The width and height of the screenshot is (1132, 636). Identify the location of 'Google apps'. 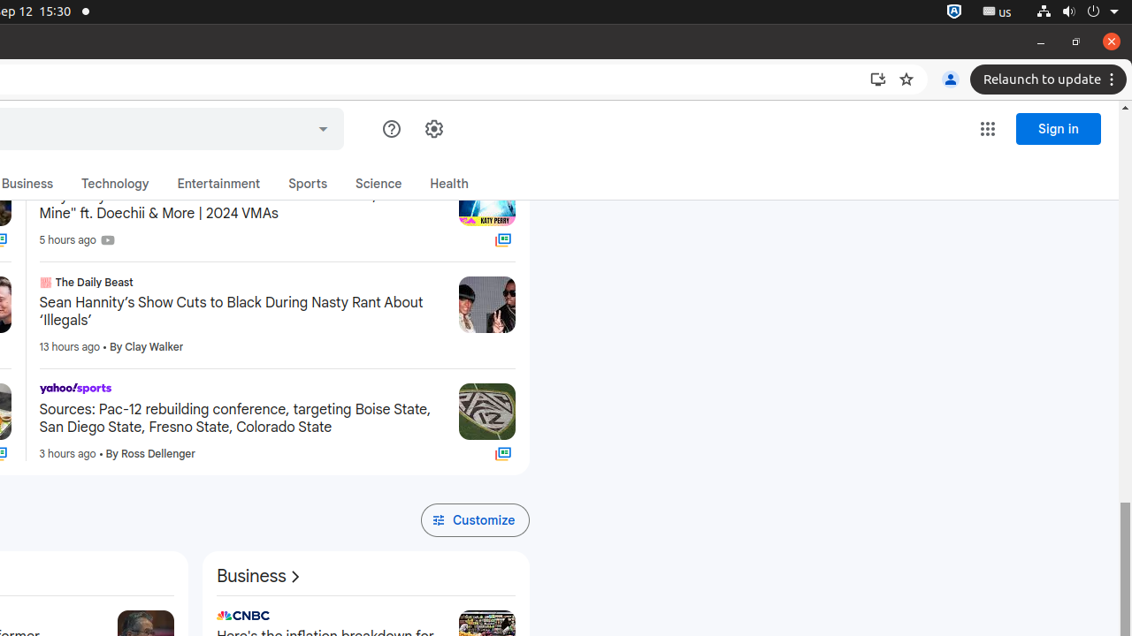
(987, 128).